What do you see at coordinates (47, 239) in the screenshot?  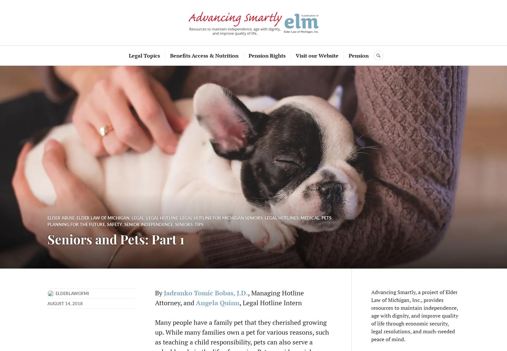 I see `'Seniors and Pets: Part 1'` at bounding box center [47, 239].